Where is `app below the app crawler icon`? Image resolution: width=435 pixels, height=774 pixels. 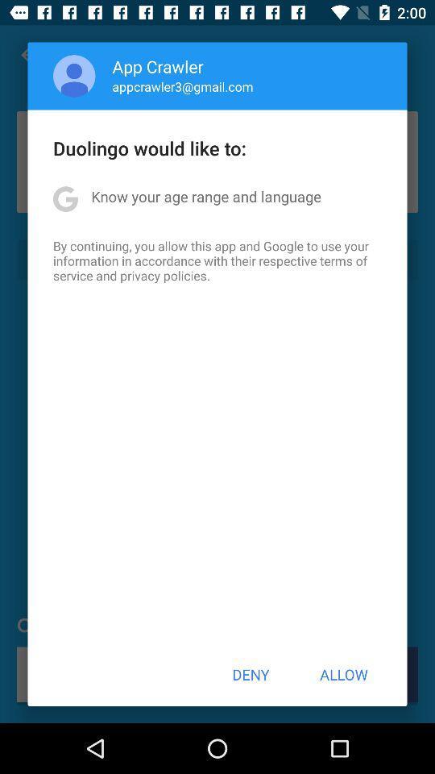 app below the app crawler icon is located at coordinates (182, 86).